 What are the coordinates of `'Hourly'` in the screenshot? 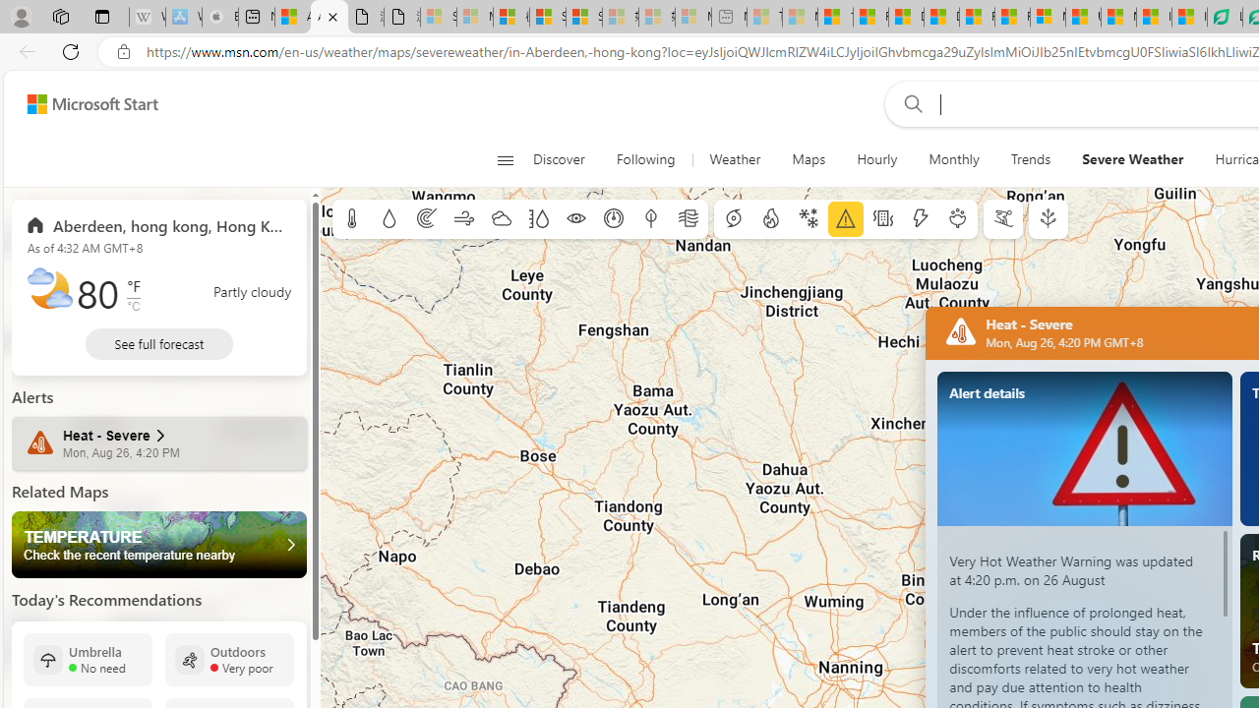 It's located at (876, 159).